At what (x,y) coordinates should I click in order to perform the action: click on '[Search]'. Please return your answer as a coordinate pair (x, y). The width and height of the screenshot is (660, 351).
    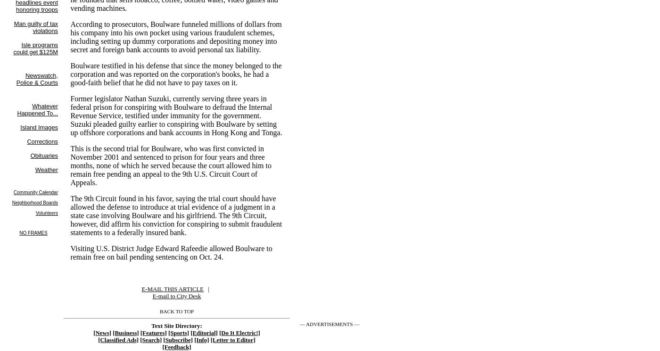
    Looking at the image, I should click on (140, 339).